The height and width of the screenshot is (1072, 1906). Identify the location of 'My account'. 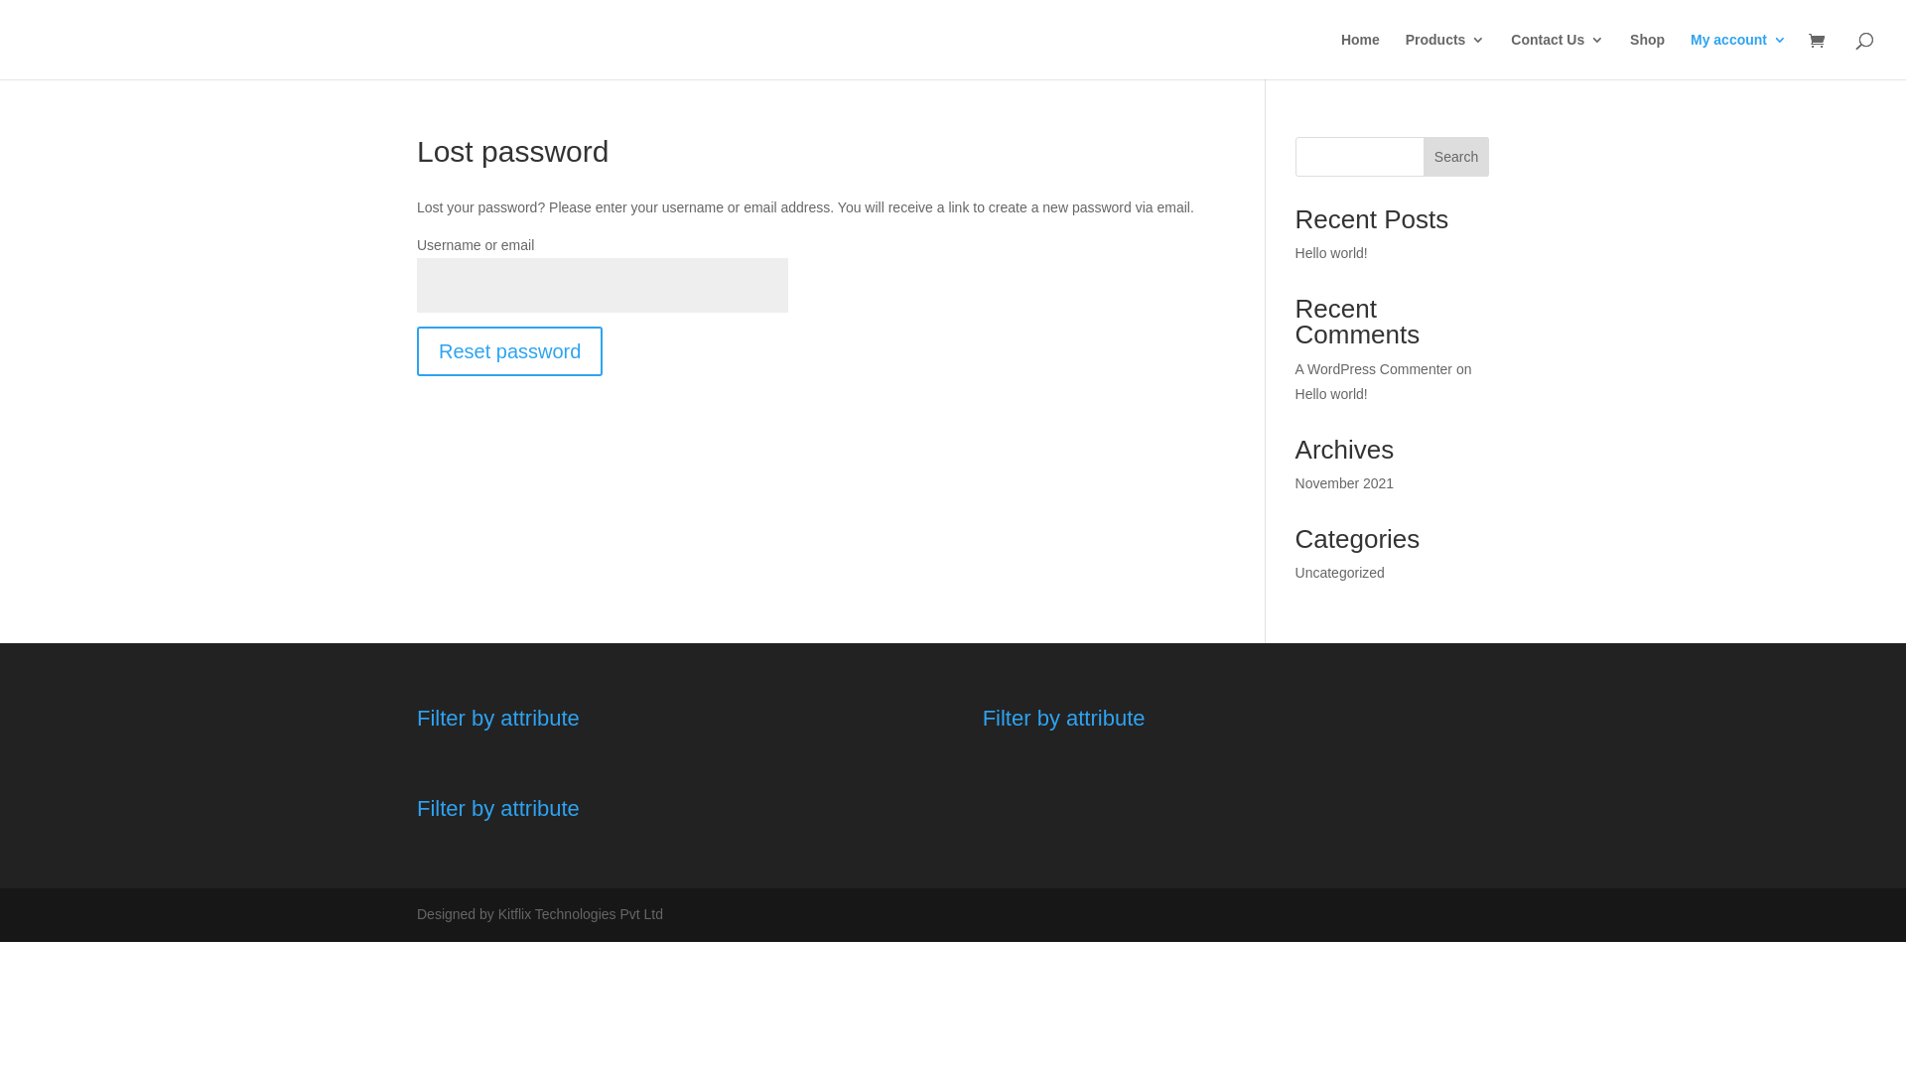
(1737, 55).